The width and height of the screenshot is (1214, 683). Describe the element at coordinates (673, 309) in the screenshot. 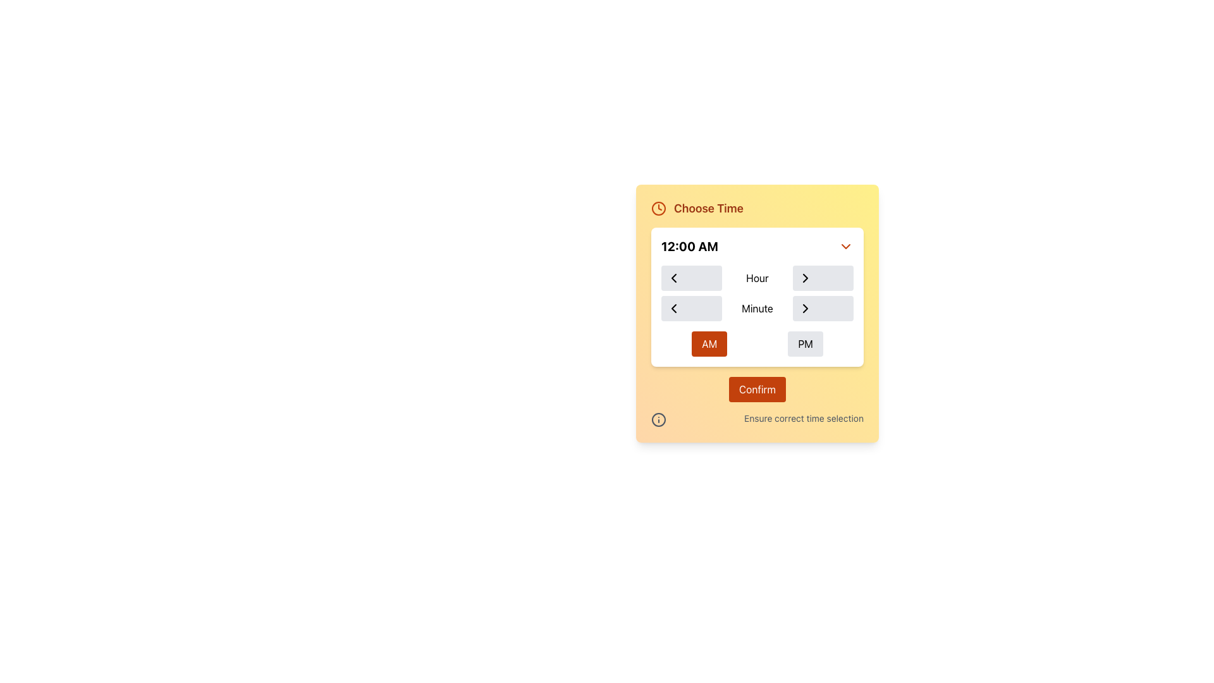

I see `the decrement icon, which is represented by a left-pointing arrow located under the central time display, to decrease the 'Minutes' value` at that location.